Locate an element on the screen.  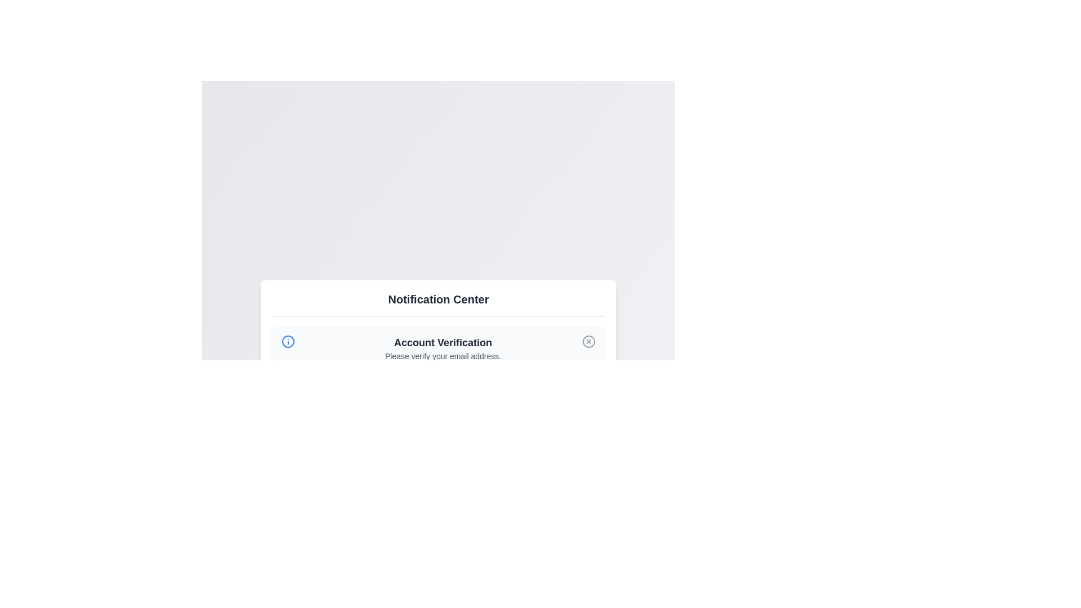
the Text block that serves as a notification to verify the user's email address, located in the central region of the interface just below the 'Notification Center' heading is located at coordinates (443, 347).